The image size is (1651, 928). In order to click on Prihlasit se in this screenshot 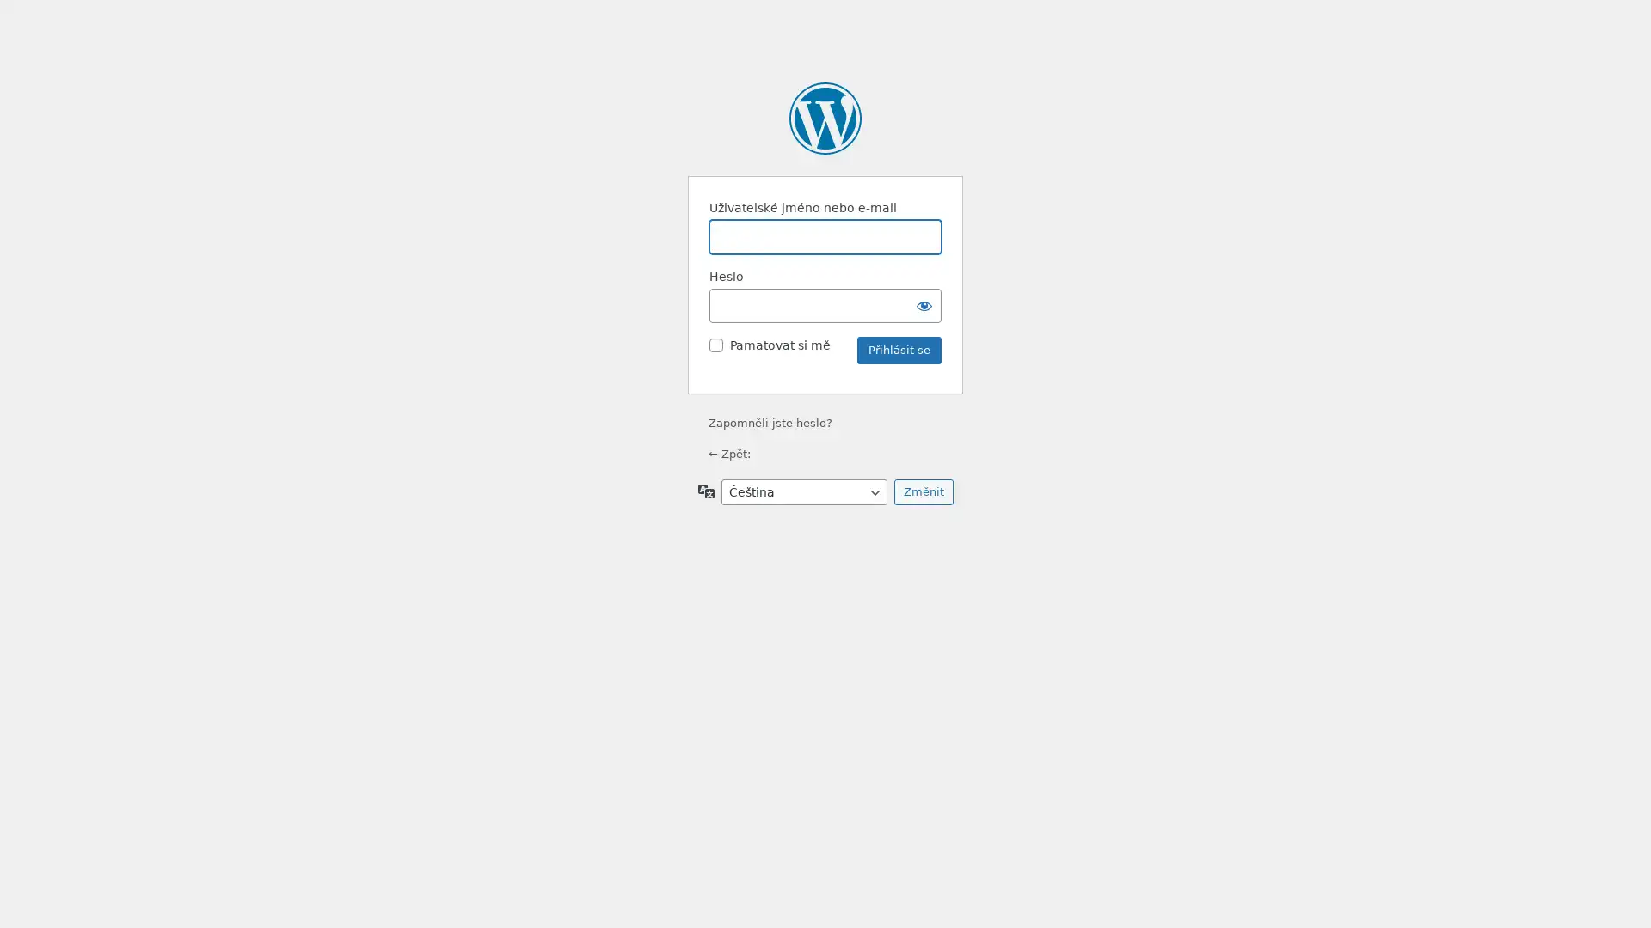, I will do `click(899, 350)`.